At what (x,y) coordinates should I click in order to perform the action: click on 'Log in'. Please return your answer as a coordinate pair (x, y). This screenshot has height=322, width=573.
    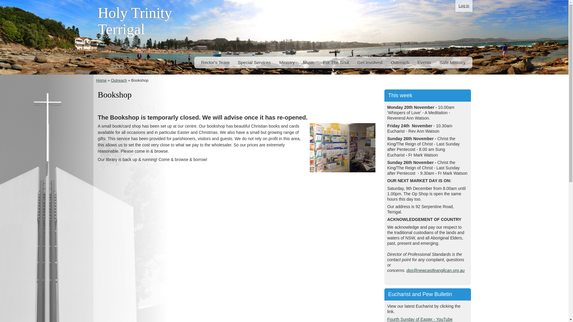
    Looking at the image, I should click on (455, 6).